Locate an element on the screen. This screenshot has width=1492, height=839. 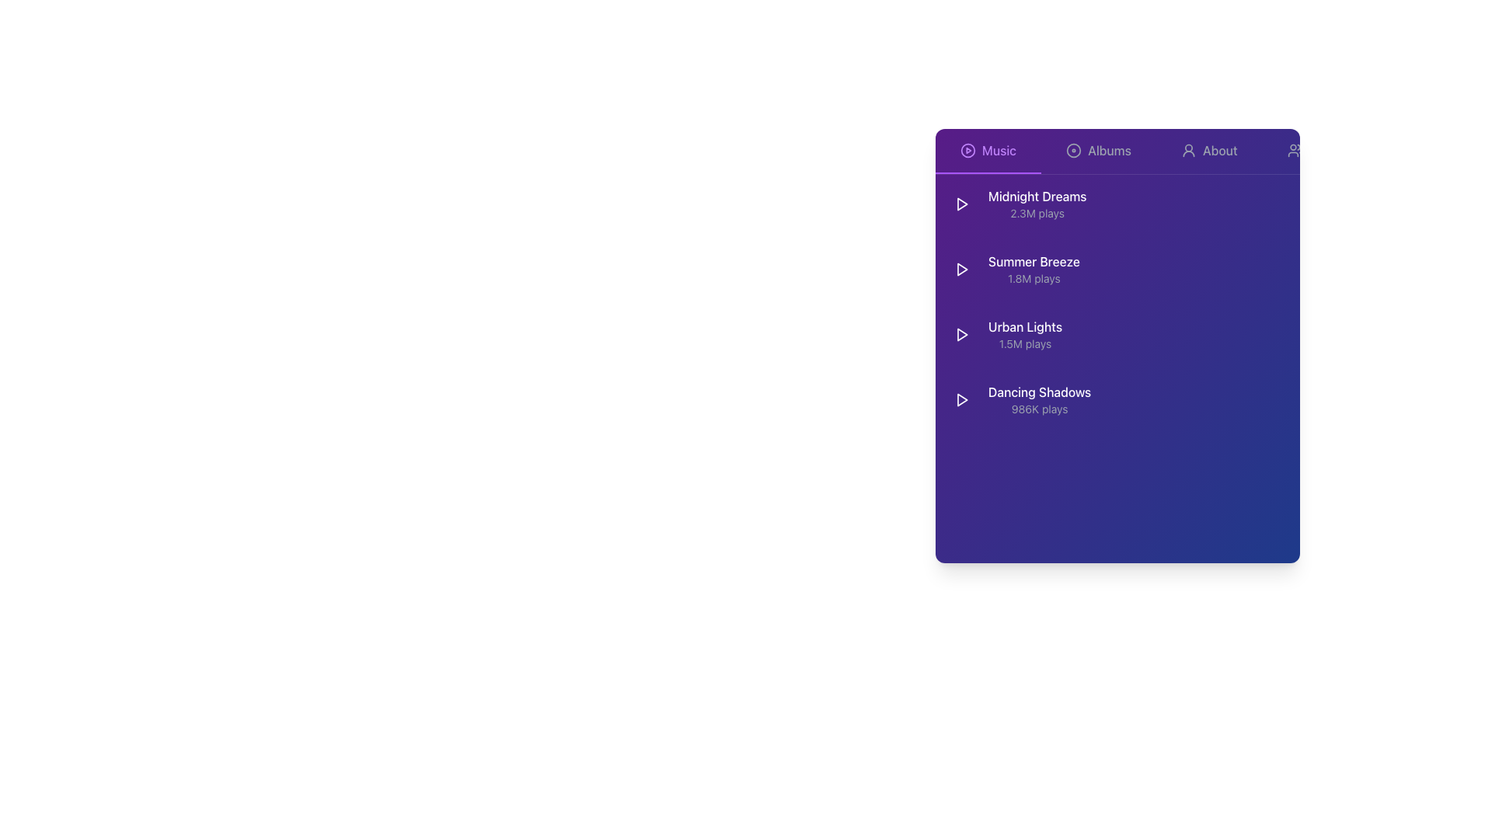
the first music track item representing 'Midnight Dreams' is located at coordinates (1117, 203).